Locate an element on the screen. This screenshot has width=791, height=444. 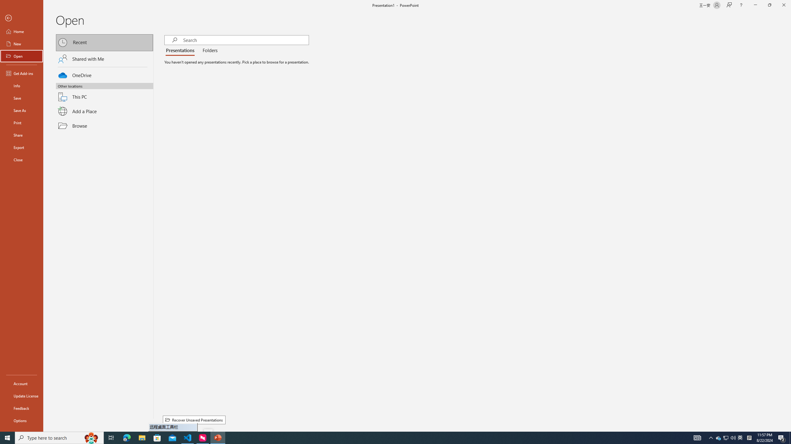
'Back' is located at coordinates (21, 18).